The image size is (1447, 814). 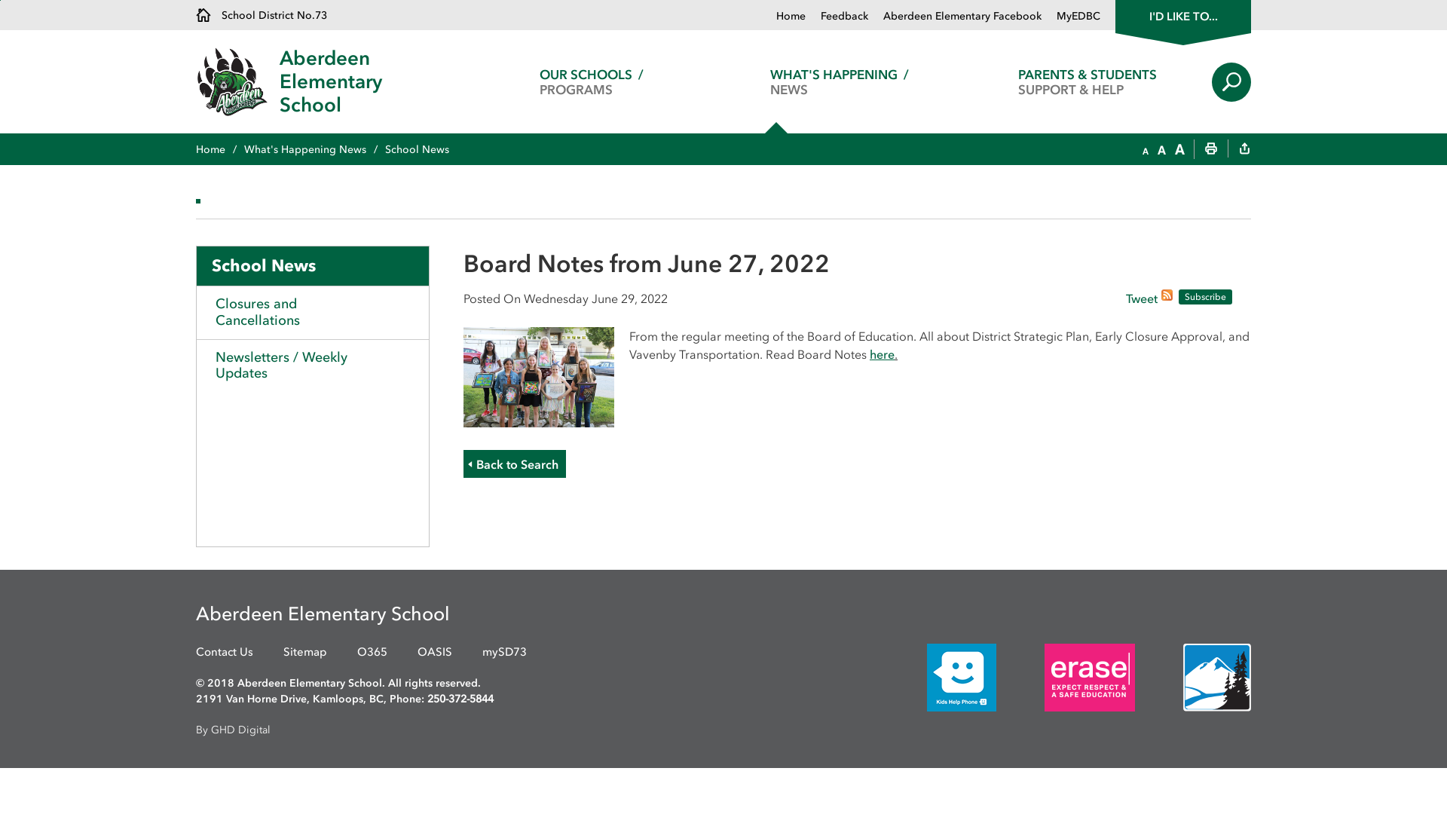 What do you see at coordinates (417, 651) in the screenshot?
I see `'OASIS'` at bounding box center [417, 651].